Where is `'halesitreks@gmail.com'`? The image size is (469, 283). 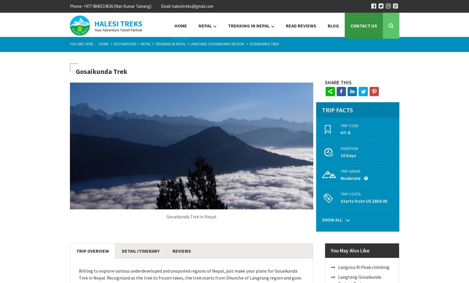 'halesitreks@gmail.com' is located at coordinates (192, 6).